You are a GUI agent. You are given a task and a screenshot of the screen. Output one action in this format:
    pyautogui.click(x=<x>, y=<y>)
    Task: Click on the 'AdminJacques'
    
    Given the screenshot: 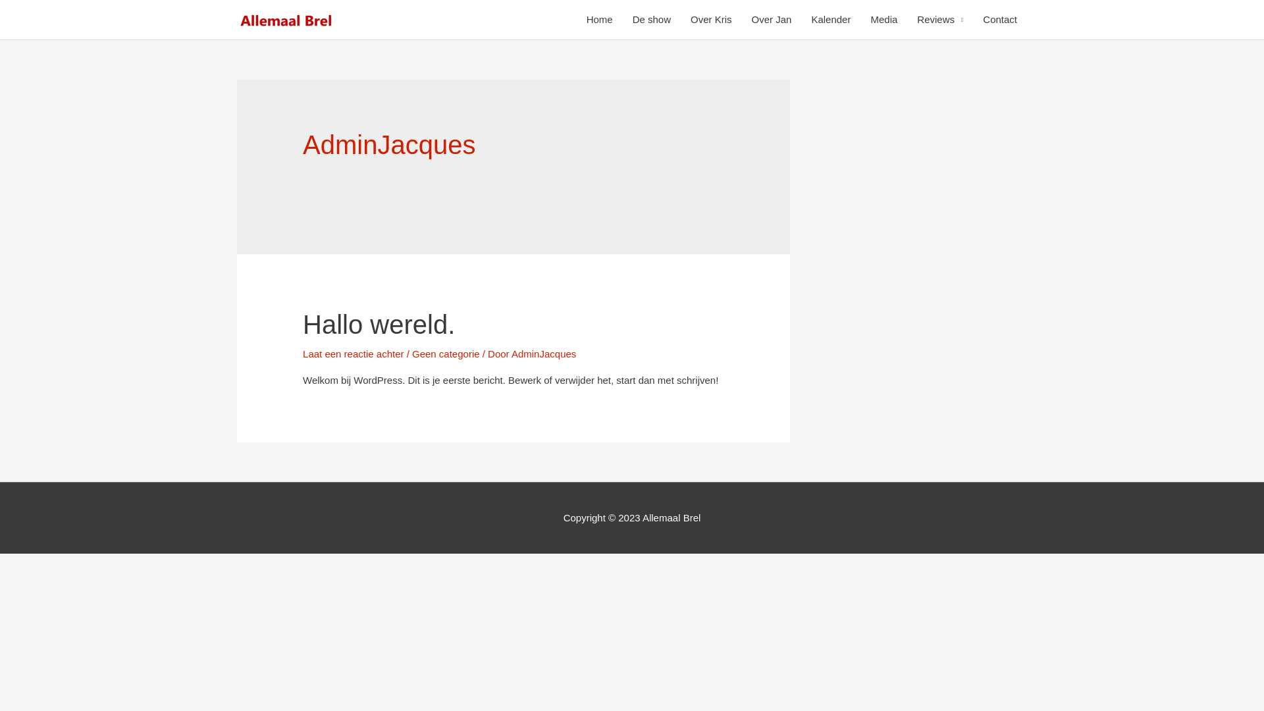 What is the action you would take?
    pyautogui.click(x=543, y=353)
    